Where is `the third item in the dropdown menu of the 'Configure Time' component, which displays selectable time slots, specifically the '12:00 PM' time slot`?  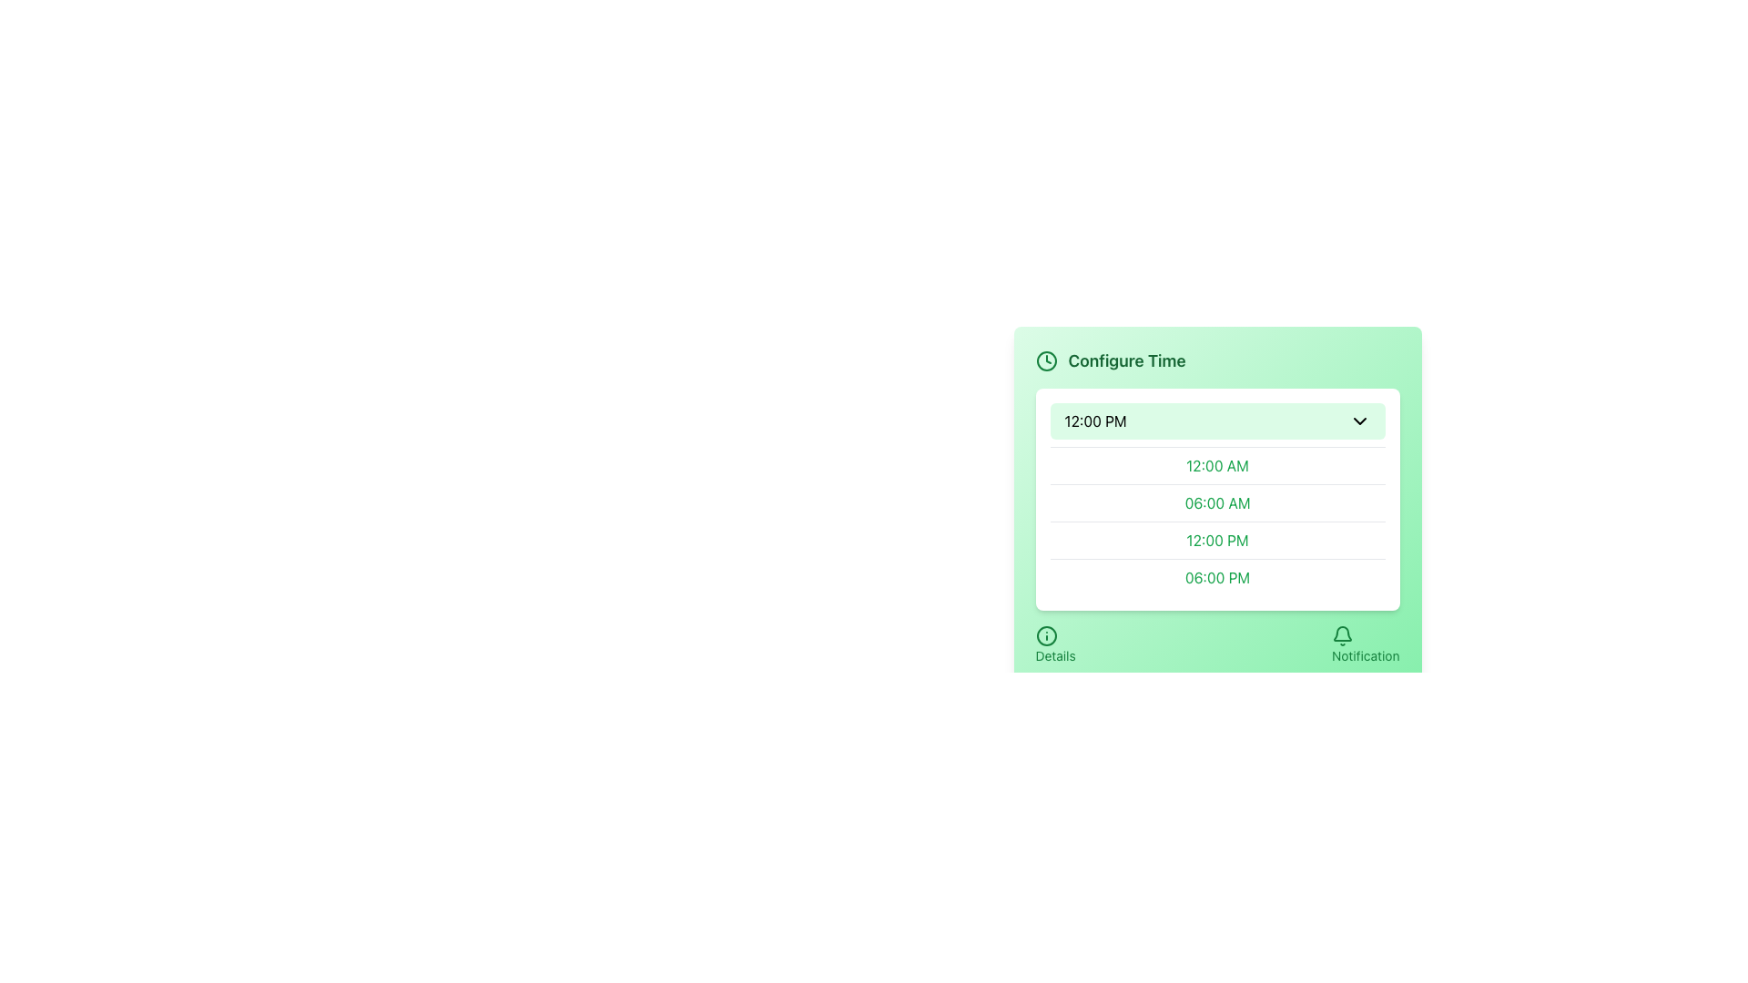 the third item in the dropdown menu of the 'Configure Time' component, which displays selectable time slots, specifically the '12:00 PM' time slot is located at coordinates (1217, 522).